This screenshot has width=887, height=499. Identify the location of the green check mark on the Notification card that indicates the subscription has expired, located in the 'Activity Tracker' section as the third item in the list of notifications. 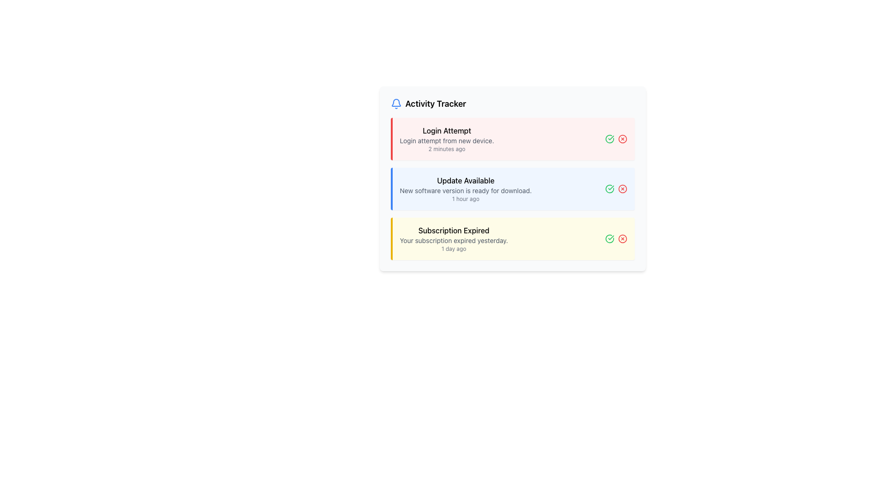
(512, 238).